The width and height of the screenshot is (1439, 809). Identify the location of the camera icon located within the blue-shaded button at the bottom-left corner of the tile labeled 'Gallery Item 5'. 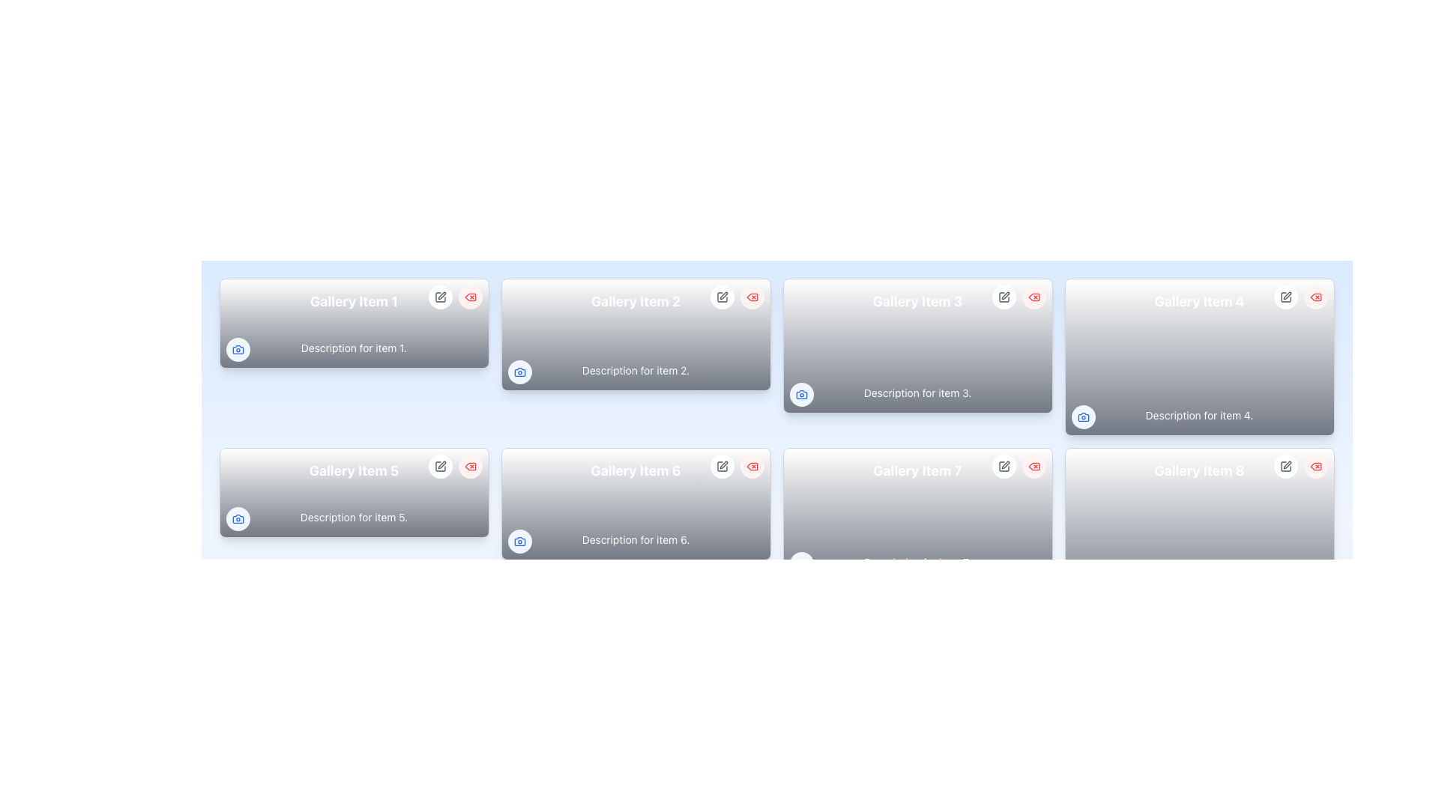
(237, 518).